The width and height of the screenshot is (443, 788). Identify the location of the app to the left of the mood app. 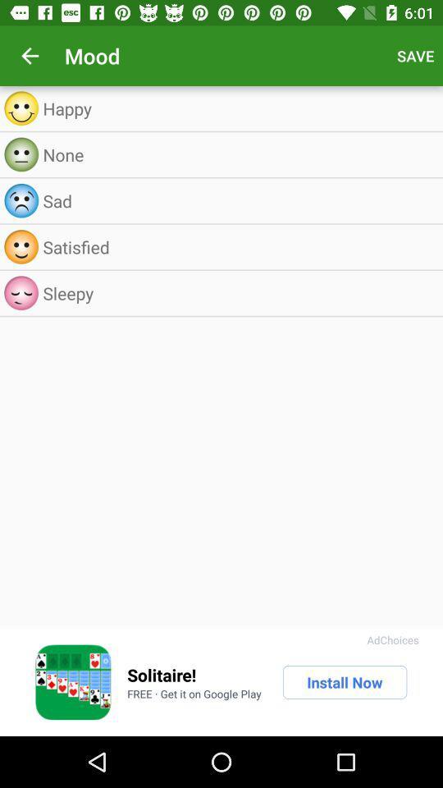
(30, 56).